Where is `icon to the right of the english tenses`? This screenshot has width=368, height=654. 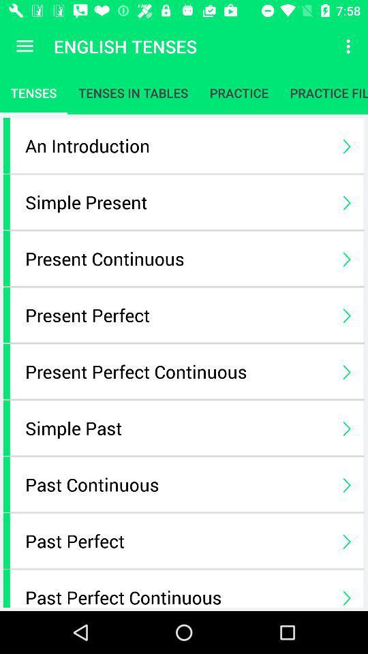
icon to the right of the english tenses is located at coordinates (350, 46).